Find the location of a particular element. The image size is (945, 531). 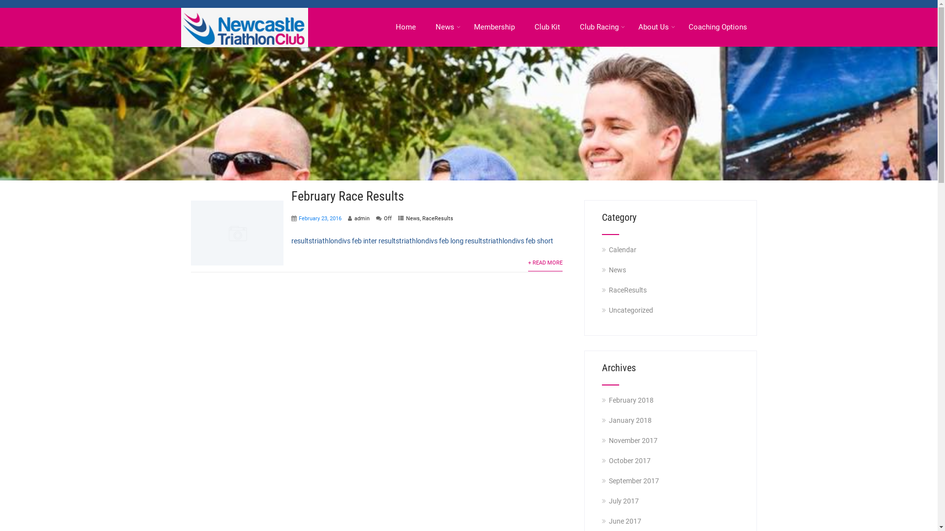

'February Race Results' is located at coordinates (347, 196).